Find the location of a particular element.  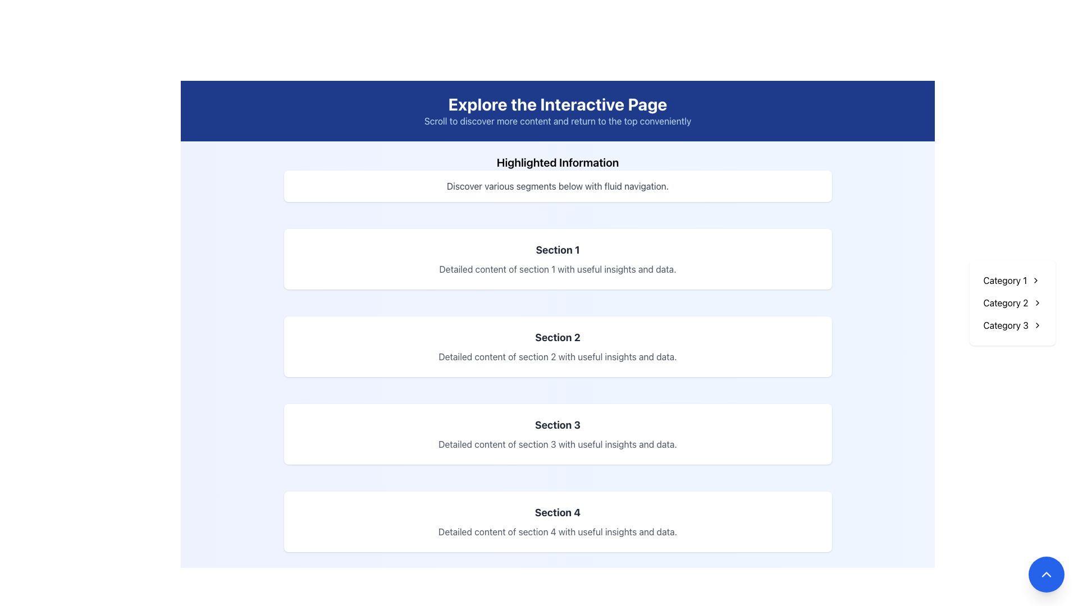

the text element displaying 'Category 2' is located at coordinates (1006, 303).